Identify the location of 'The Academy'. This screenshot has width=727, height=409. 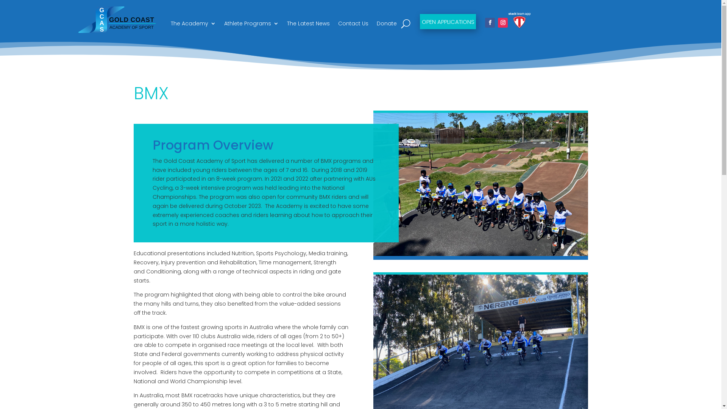
(193, 24).